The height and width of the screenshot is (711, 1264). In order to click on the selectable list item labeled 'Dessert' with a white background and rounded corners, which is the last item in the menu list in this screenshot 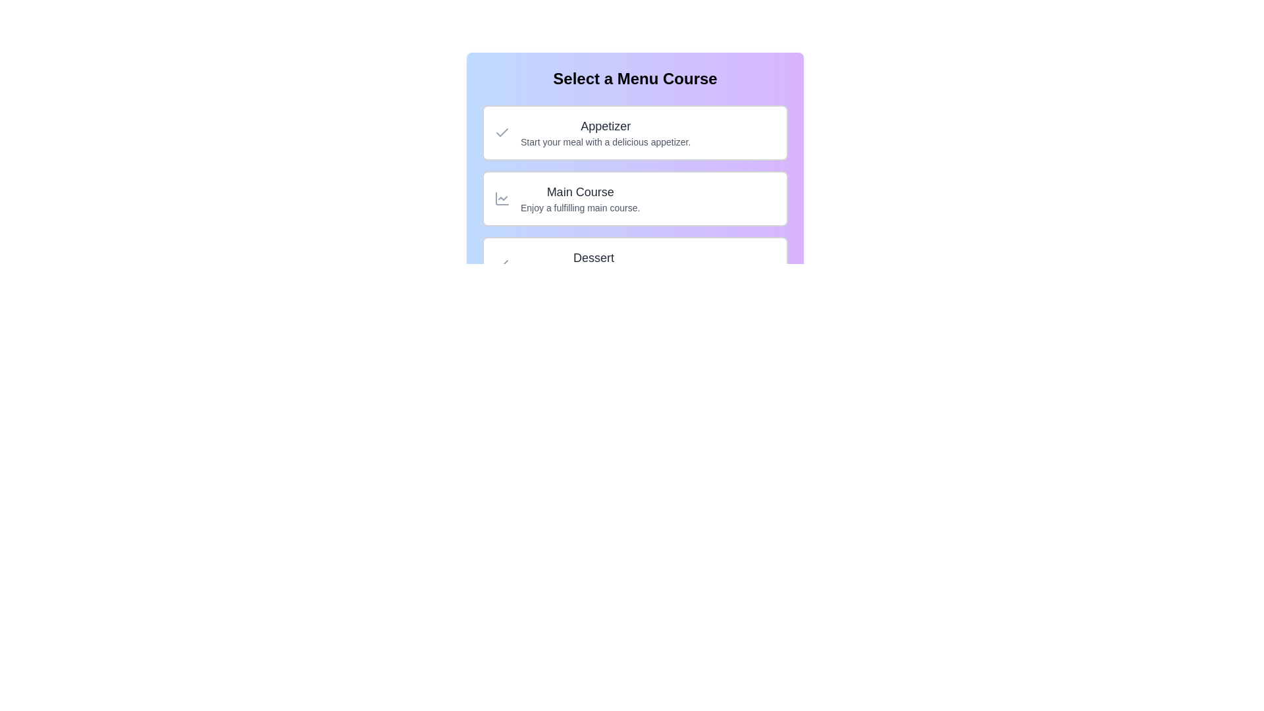, I will do `click(635, 264)`.